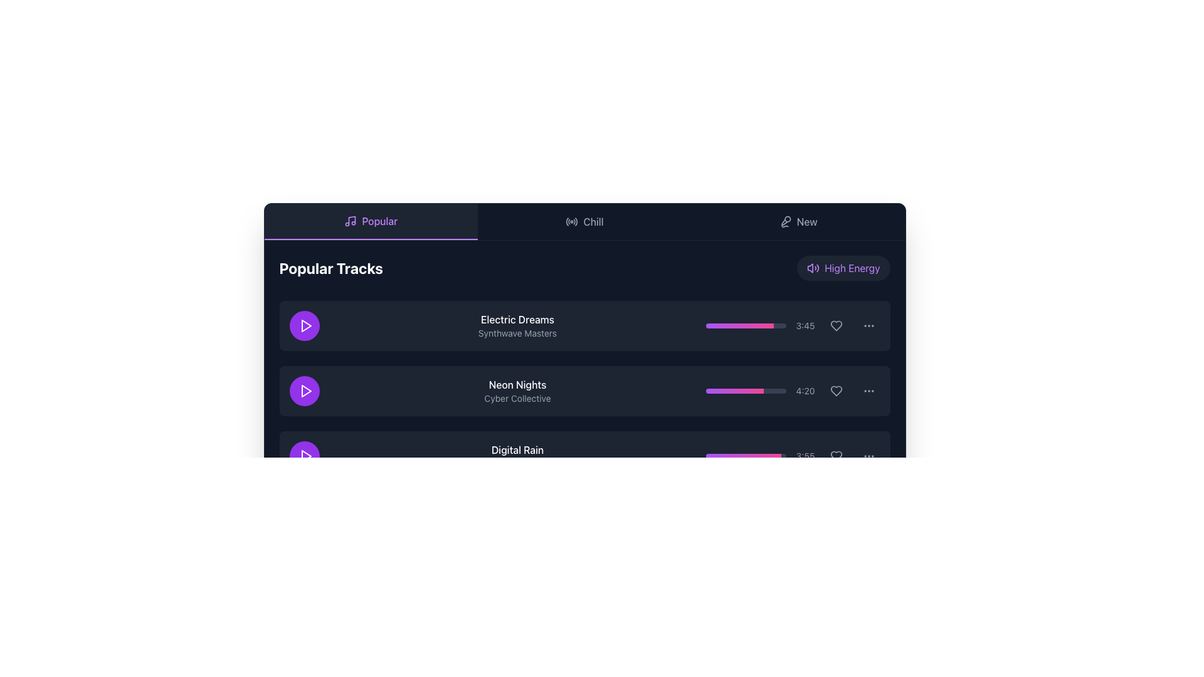  Describe the element at coordinates (351, 221) in the screenshot. I see `the music note icon representing the Popular tab in the navigation bar` at that location.